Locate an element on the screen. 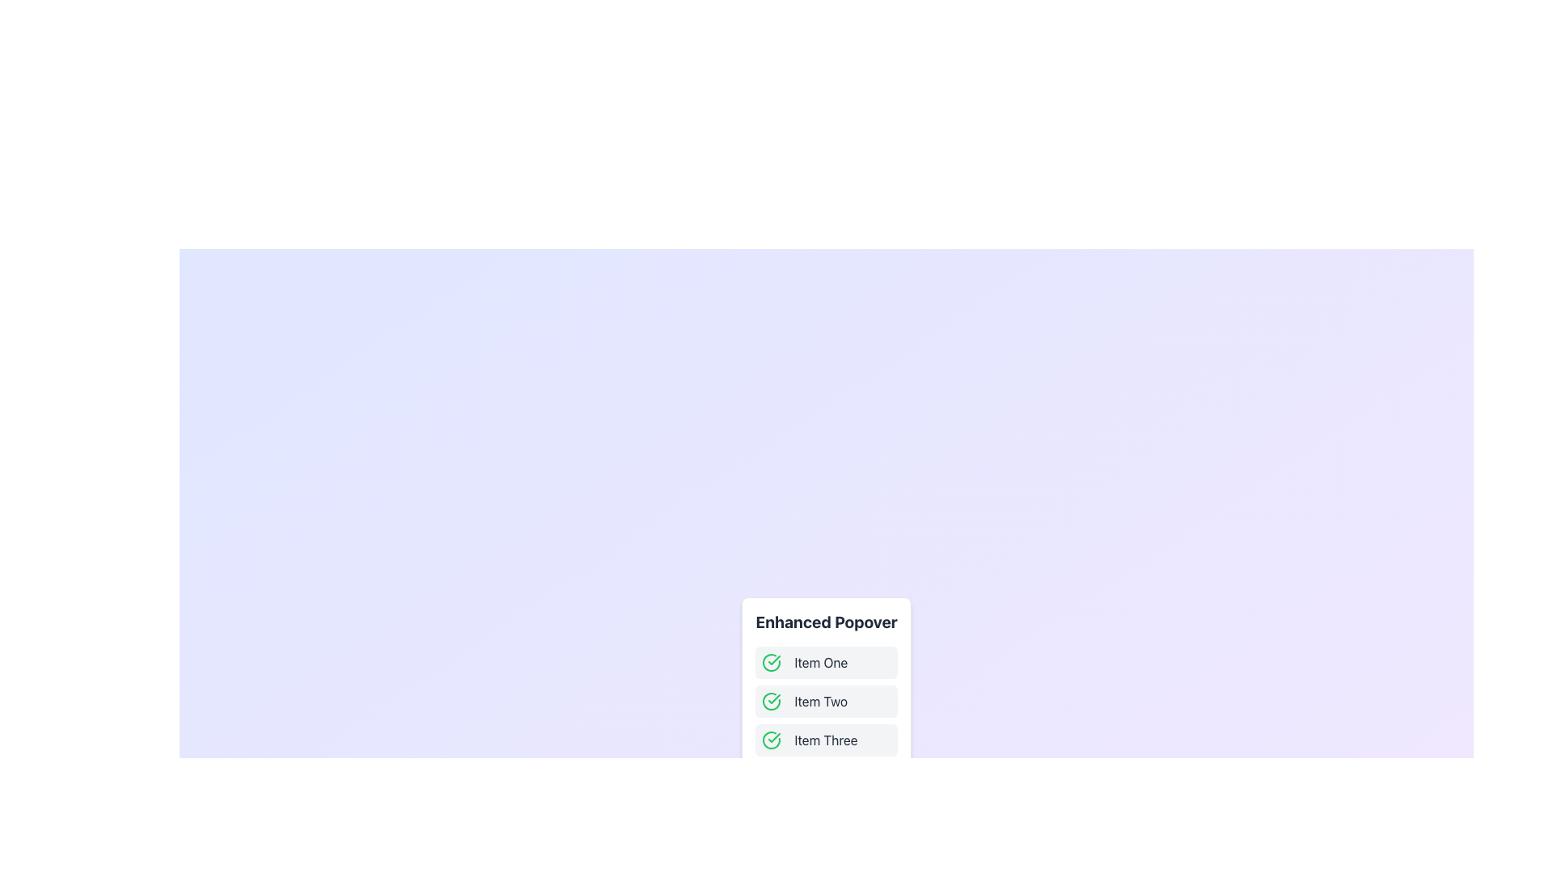 This screenshot has width=1553, height=873. the circular check mark icon with a green stroke located at the top-left corner of the item labeled 'Item Three' is located at coordinates (771, 740).